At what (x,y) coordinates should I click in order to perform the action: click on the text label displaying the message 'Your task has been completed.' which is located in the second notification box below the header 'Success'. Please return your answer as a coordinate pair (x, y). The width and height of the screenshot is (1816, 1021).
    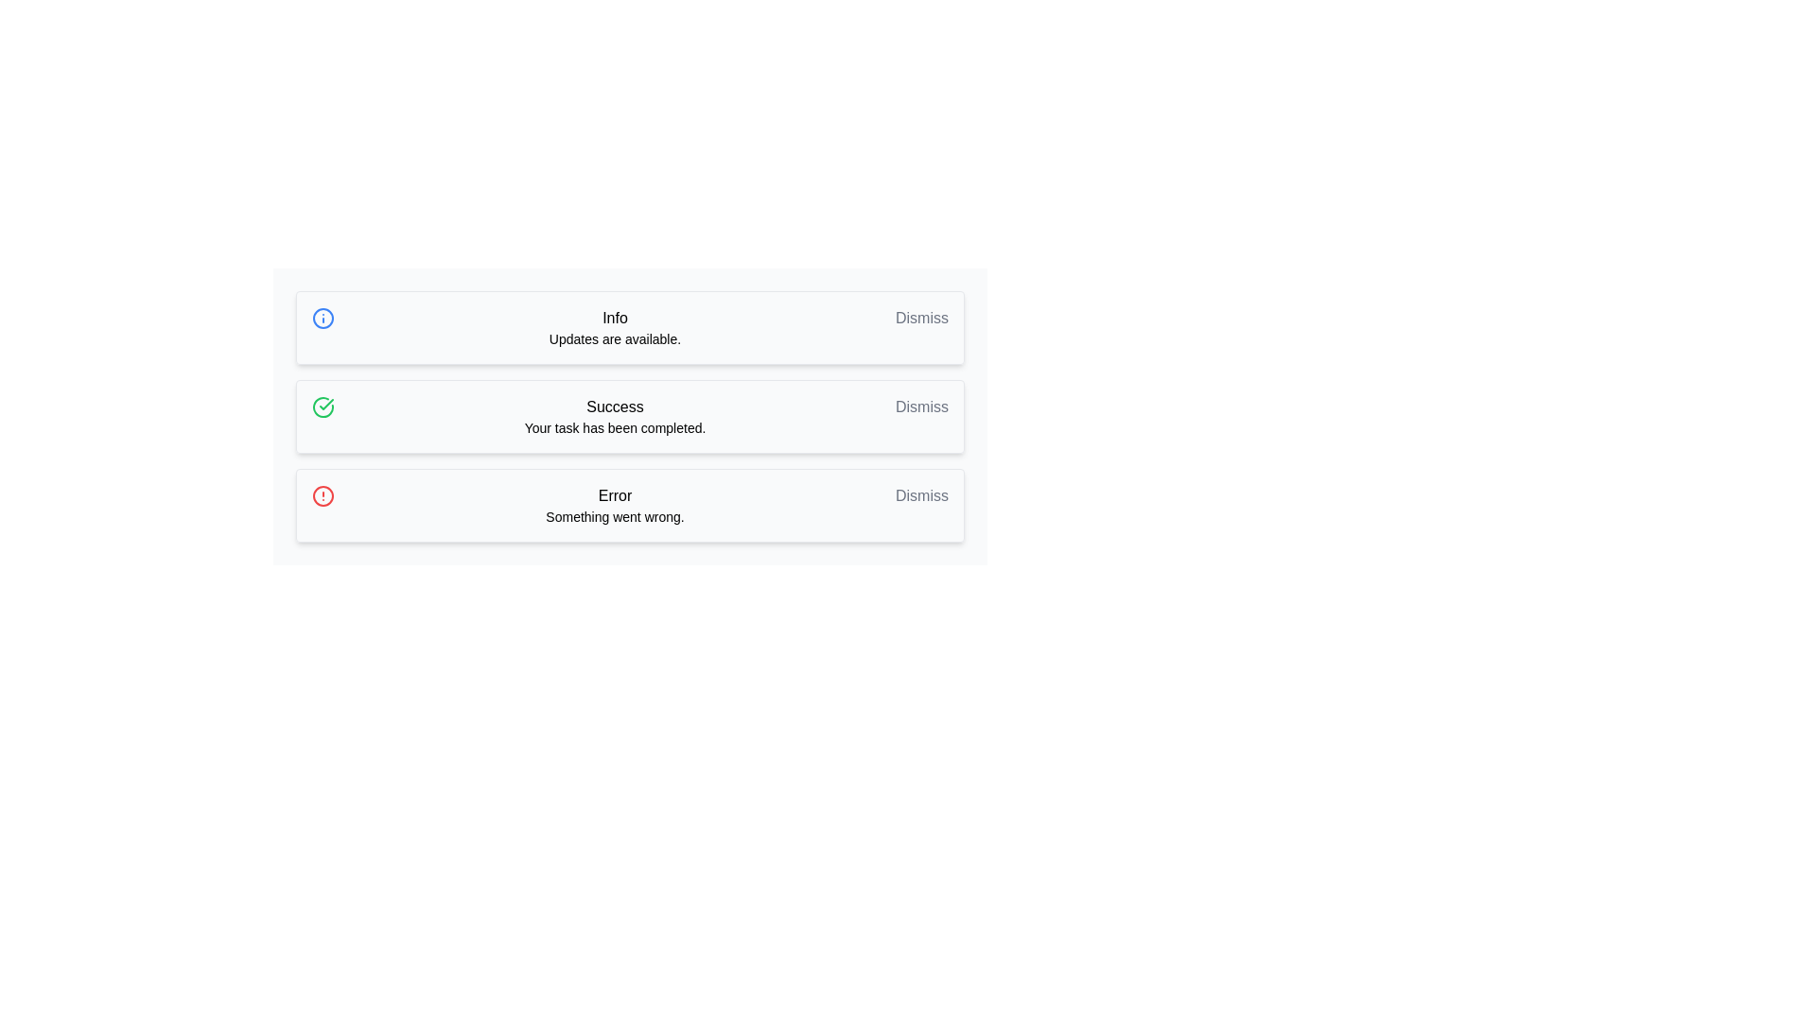
    Looking at the image, I should click on (615, 427).